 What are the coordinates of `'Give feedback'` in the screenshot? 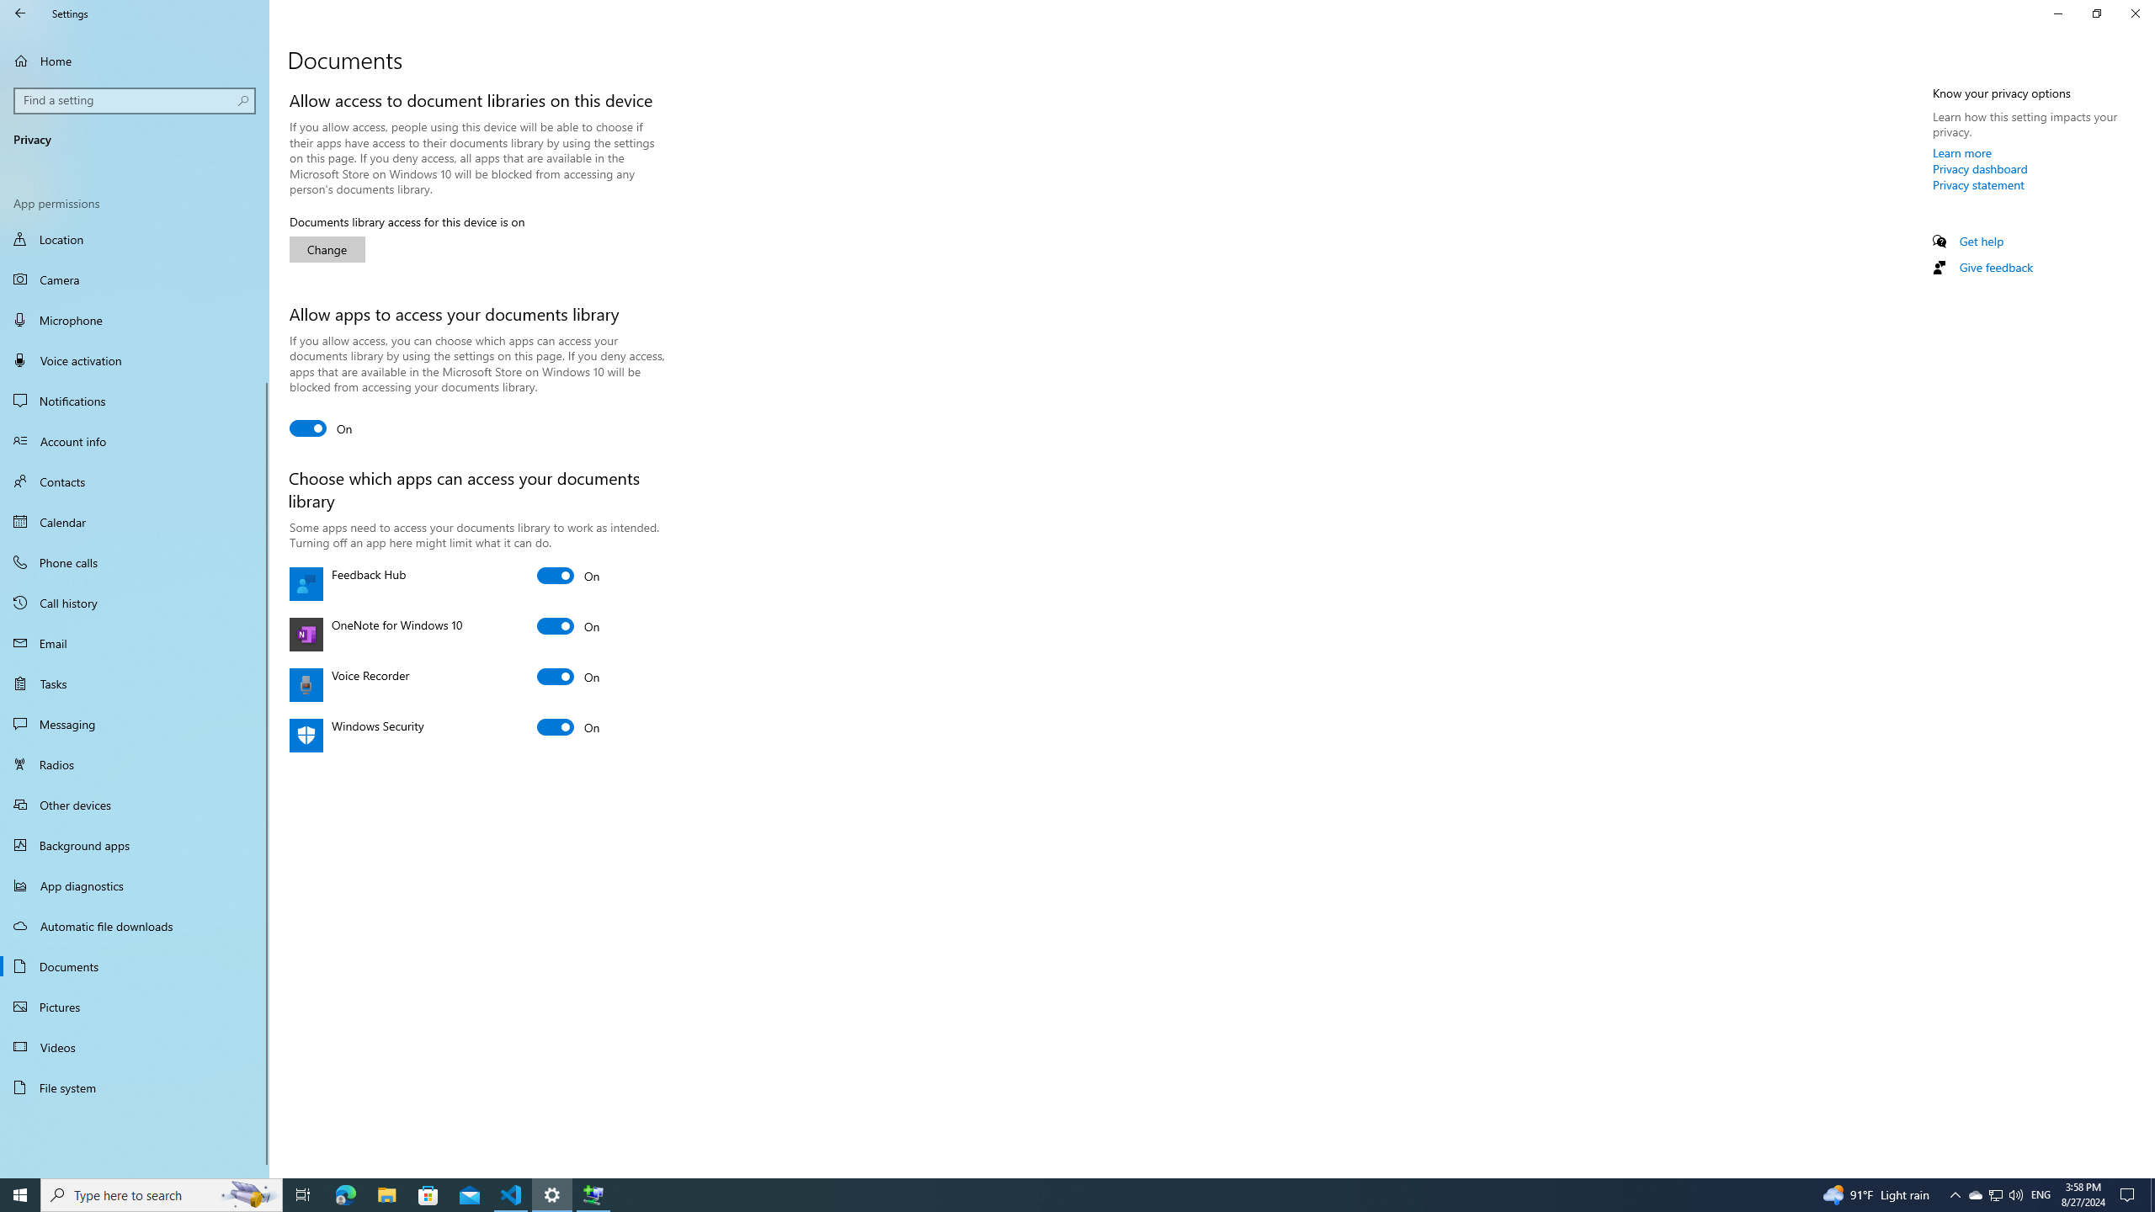 It's located at (1994, 267).